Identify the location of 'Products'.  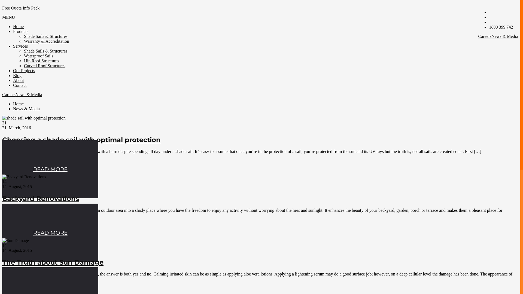
(13, 31).